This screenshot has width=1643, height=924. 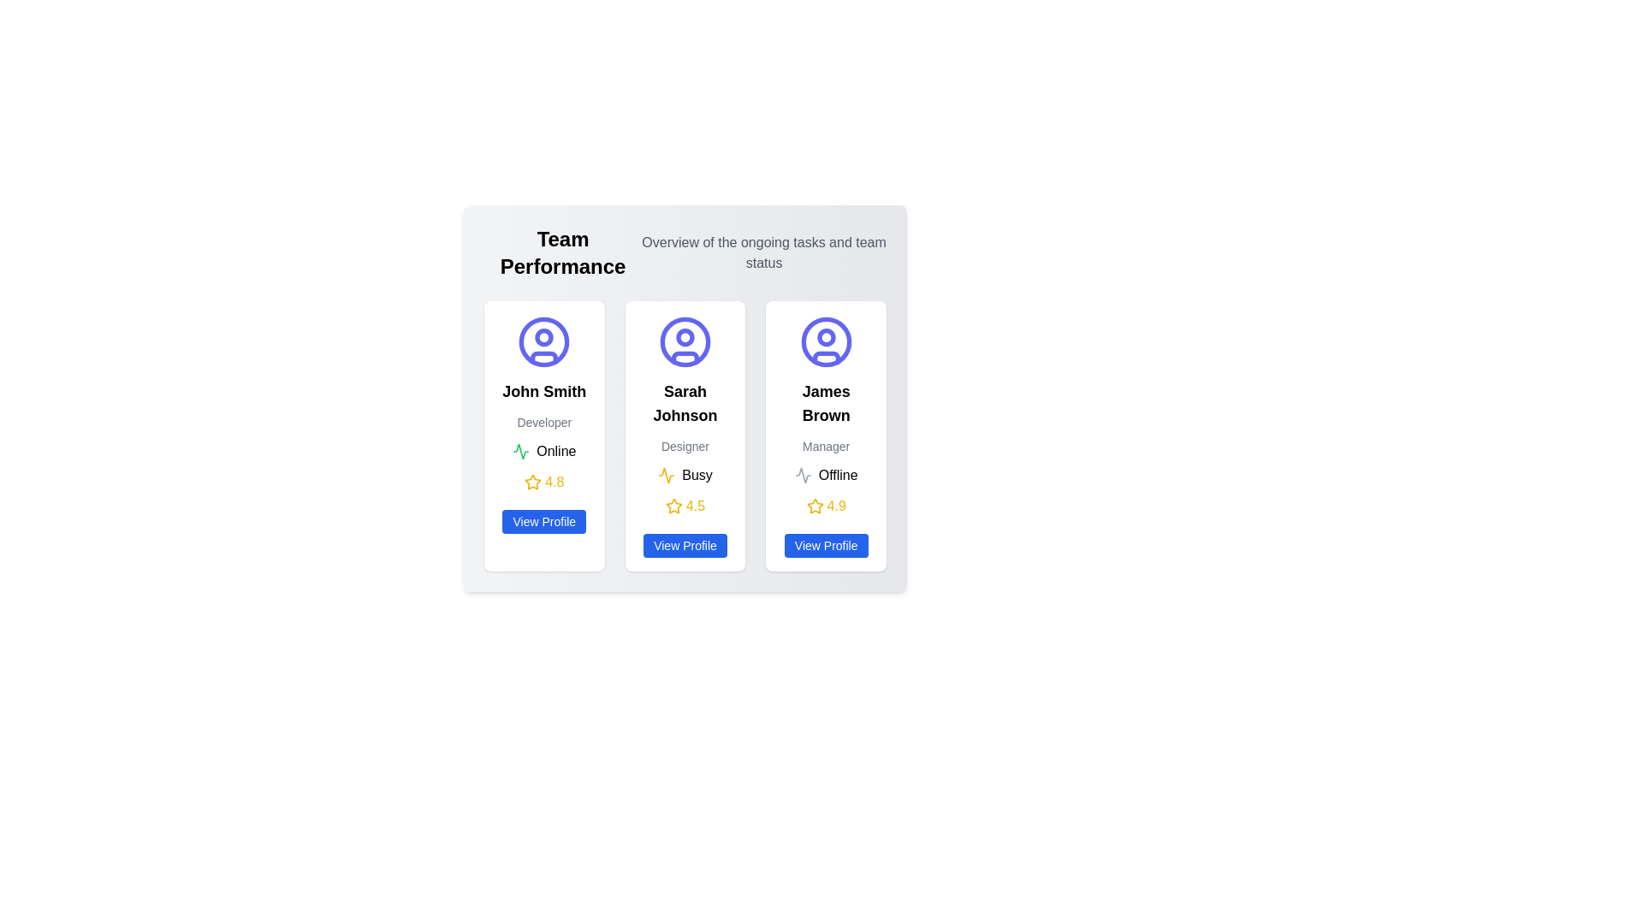 What do you see at coordinates (826, 475) in the screenshot?
I see `the Status indicator for user 'James Brown' which displays 'Offline' located below the title 'Manager' and above the rating information '4.9'` at bounding box center [826, 475].